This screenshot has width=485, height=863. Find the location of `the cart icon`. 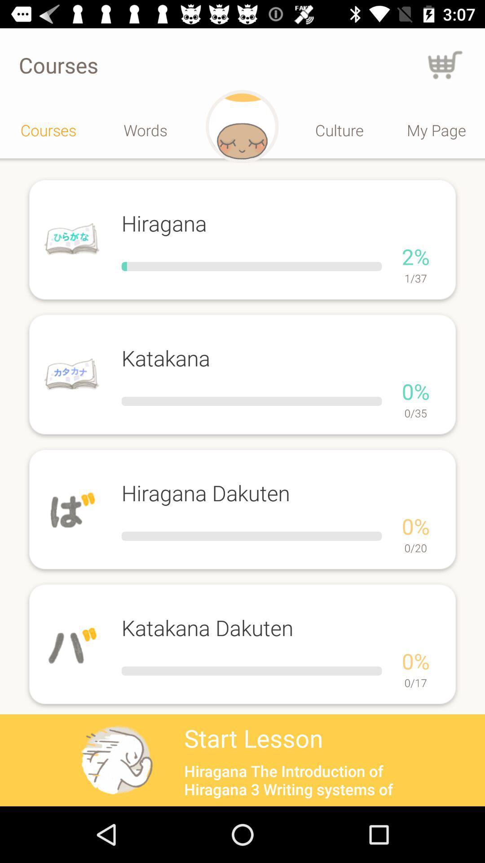

the cart icon is located at coordinates (445, 64).